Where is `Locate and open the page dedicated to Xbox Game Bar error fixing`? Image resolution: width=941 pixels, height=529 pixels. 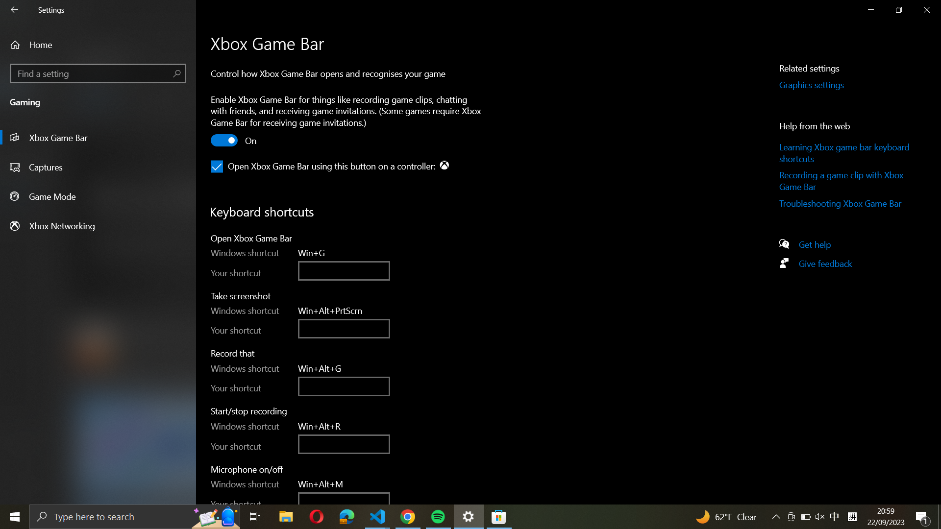
Locate and open the page dedicated to Xbox Game Bar error fixing is located at coordinates (846, 205).